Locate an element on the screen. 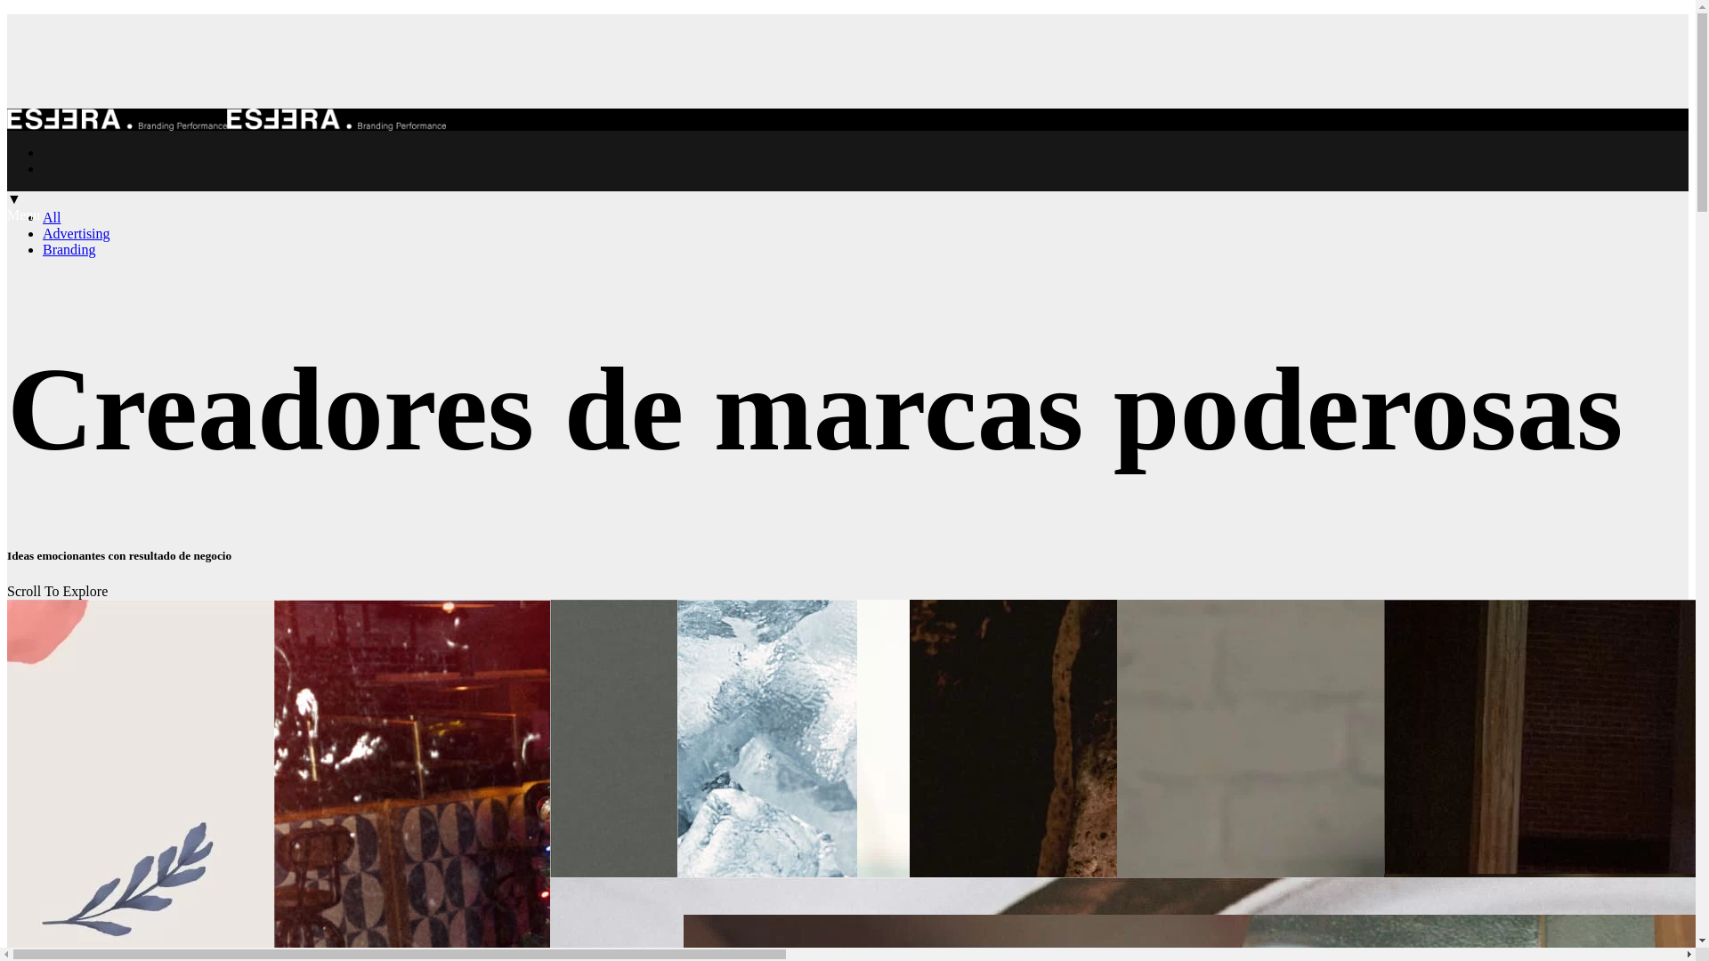  'All' is located at coordinates (51, 216).